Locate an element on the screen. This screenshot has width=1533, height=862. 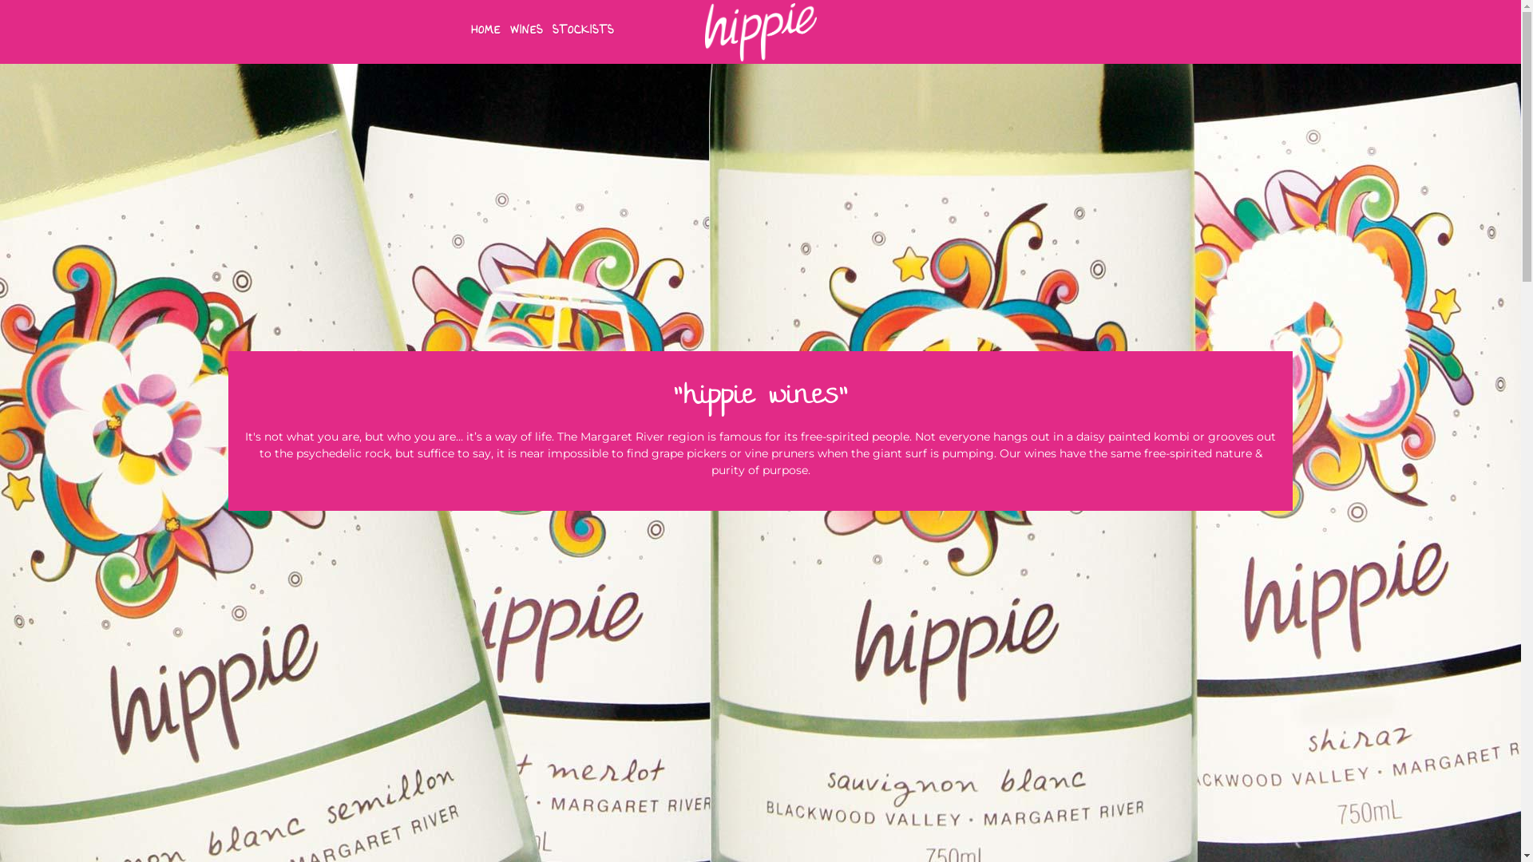
'STOCKISTS' is located at coordinates (581, 30).